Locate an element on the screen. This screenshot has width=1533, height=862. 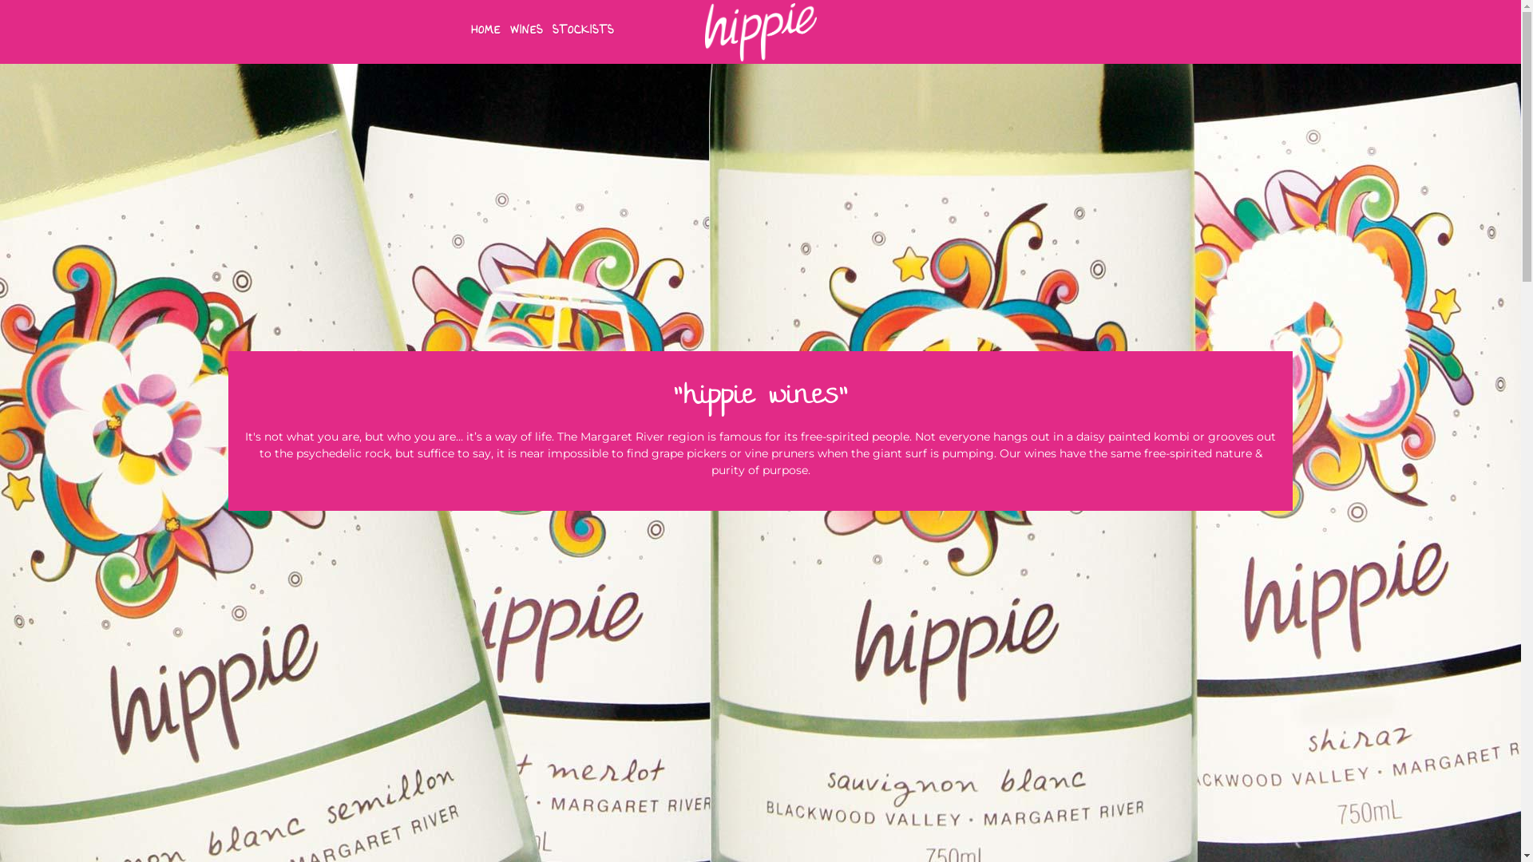
'STOCKISTS' is located at coordinates (581, 30).